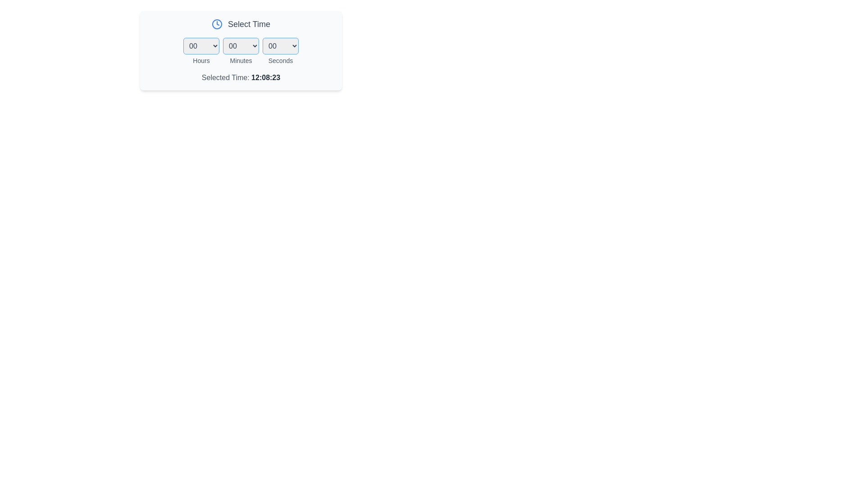  I want to click on the non-interactive Text label located below the second dropdown menu, which indicates the associated dropdown menu adjusts minute values within the time selection system, so click(241, 61).